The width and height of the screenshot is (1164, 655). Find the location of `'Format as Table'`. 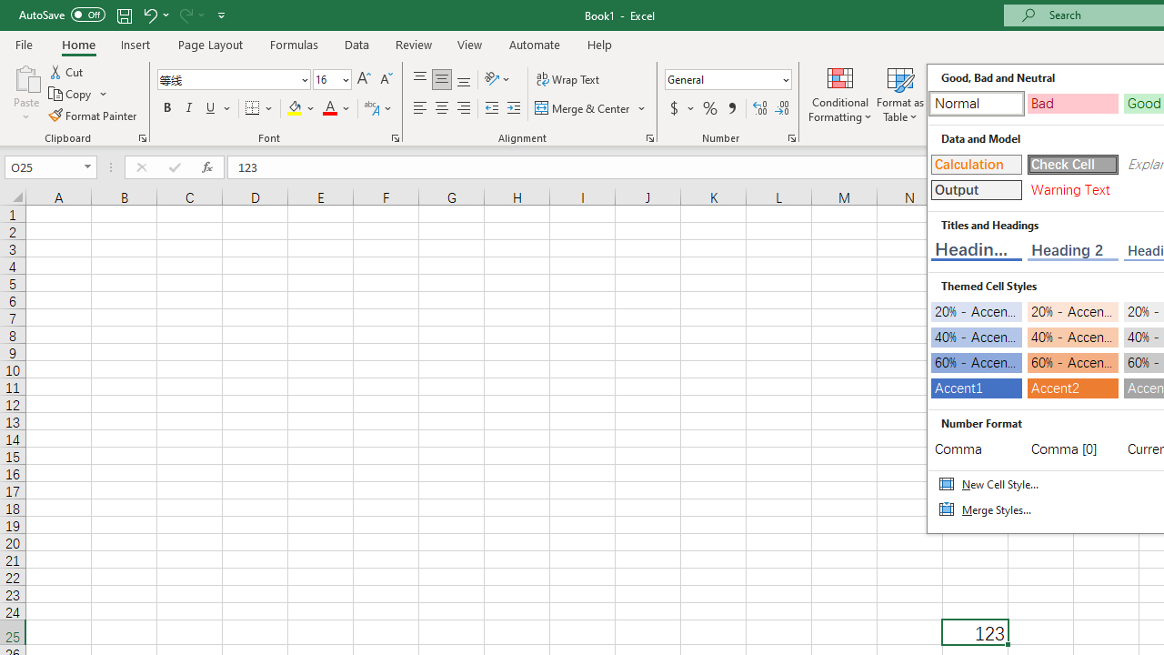

'Format as Table' is located at coordinates (900, 94).